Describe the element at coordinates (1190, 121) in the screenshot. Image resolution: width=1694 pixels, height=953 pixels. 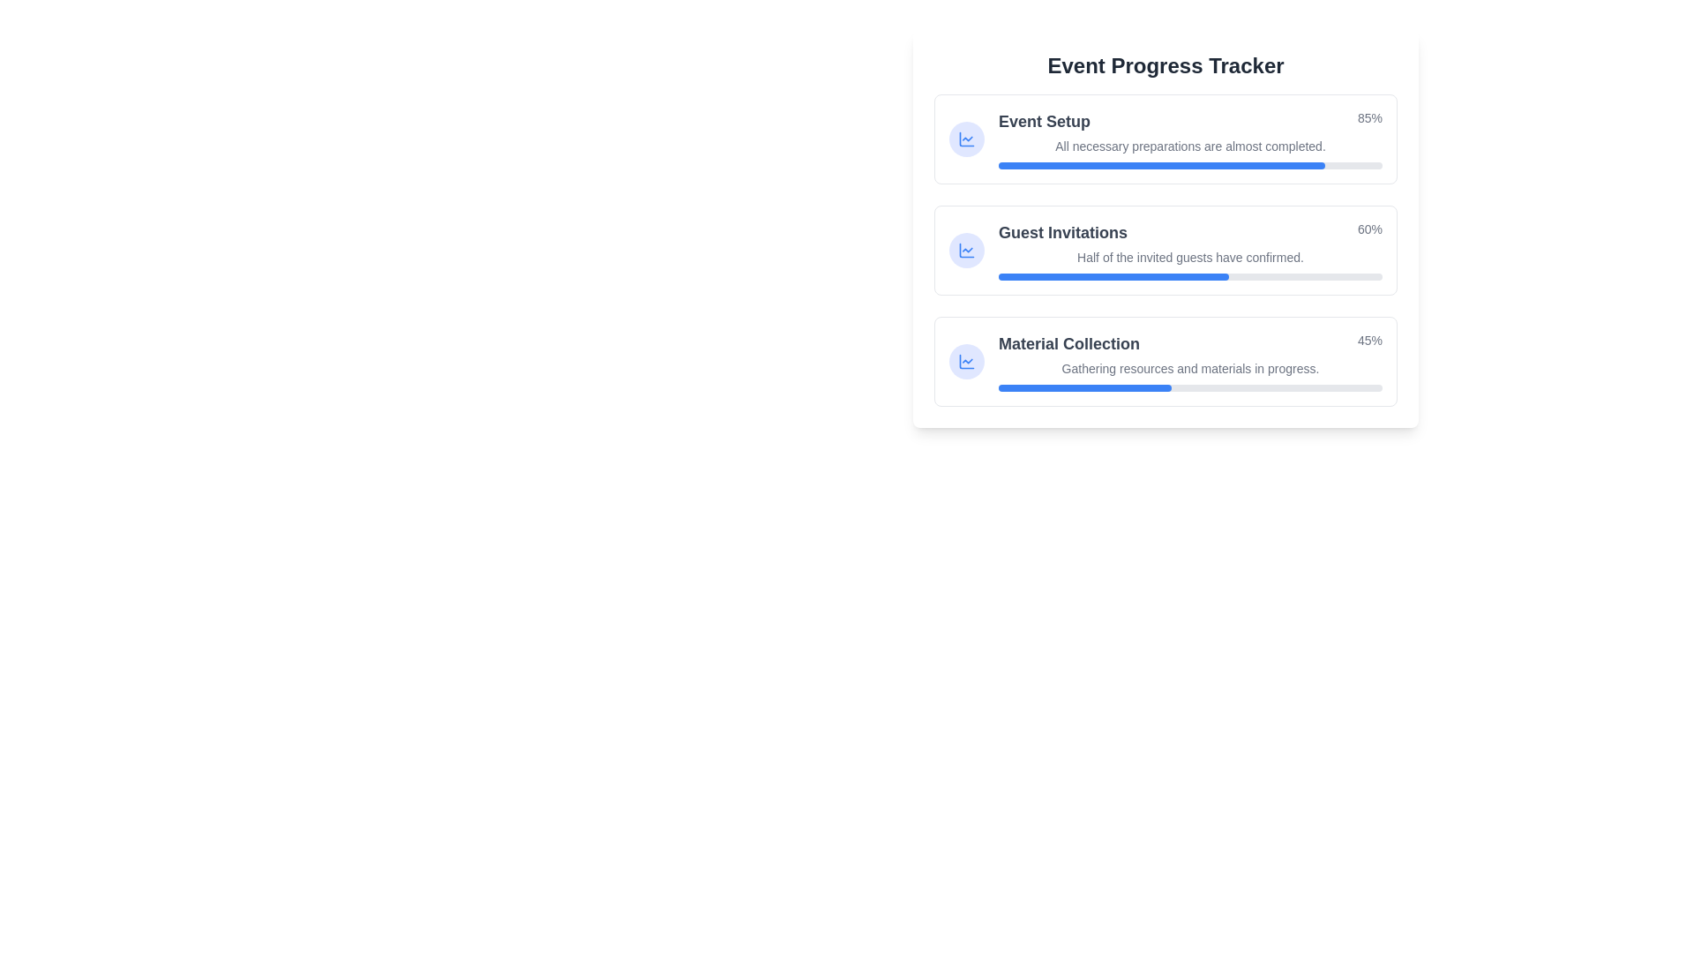
I see `the Progress indicator item labeled 'Event Setup' which shows '85%' aligned to the right, positioned at the top of the vertical stack under 'Event Progress Tracker'` at that location.